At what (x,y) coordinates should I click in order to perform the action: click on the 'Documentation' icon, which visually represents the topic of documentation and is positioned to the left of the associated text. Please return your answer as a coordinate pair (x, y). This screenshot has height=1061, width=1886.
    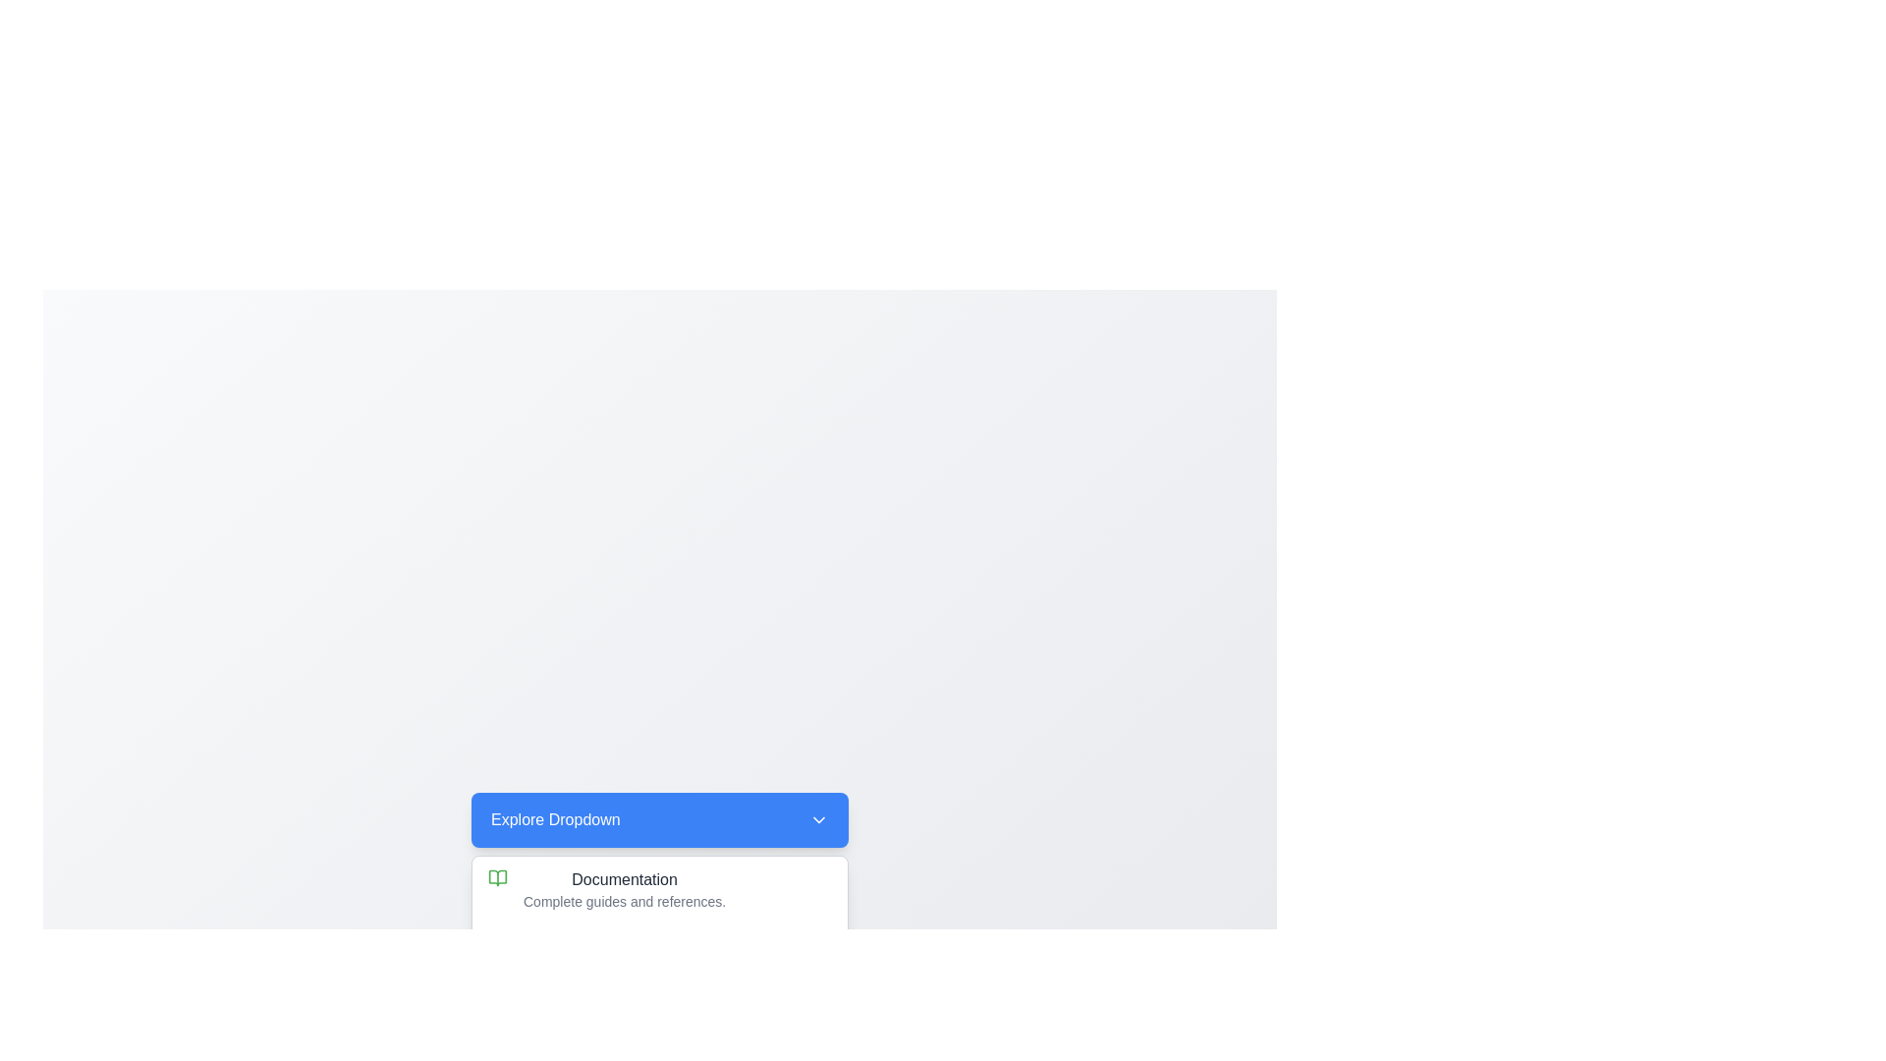
    Looking at the image, I should click on (498, 877).